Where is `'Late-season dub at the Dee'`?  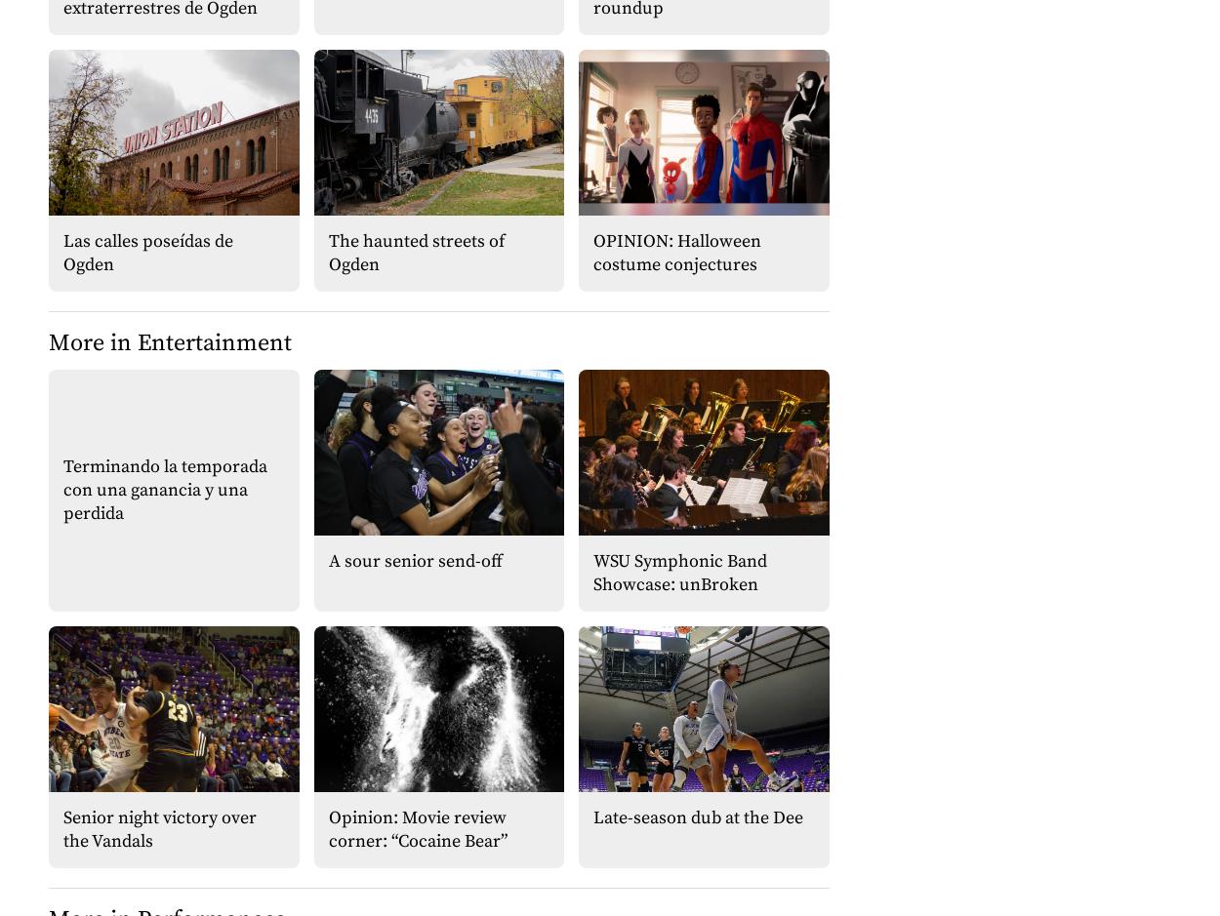
'Late-season dub at the Dee' is located at coordinates (697, 816).